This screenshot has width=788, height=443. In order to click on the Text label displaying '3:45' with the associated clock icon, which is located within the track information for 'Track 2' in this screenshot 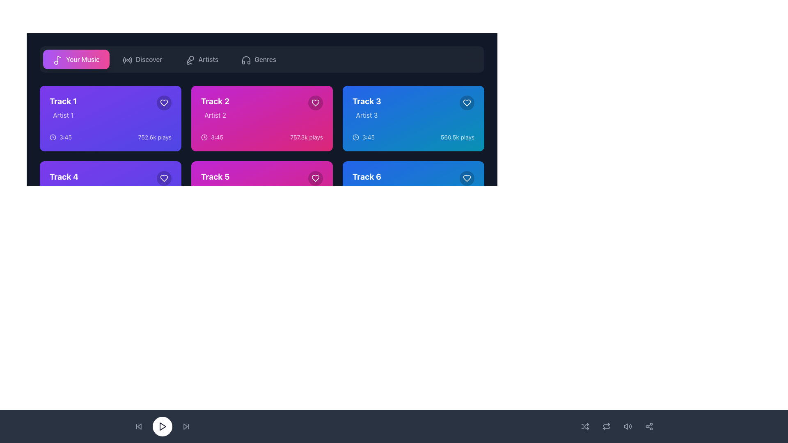, I will do `click(212, 137)`.